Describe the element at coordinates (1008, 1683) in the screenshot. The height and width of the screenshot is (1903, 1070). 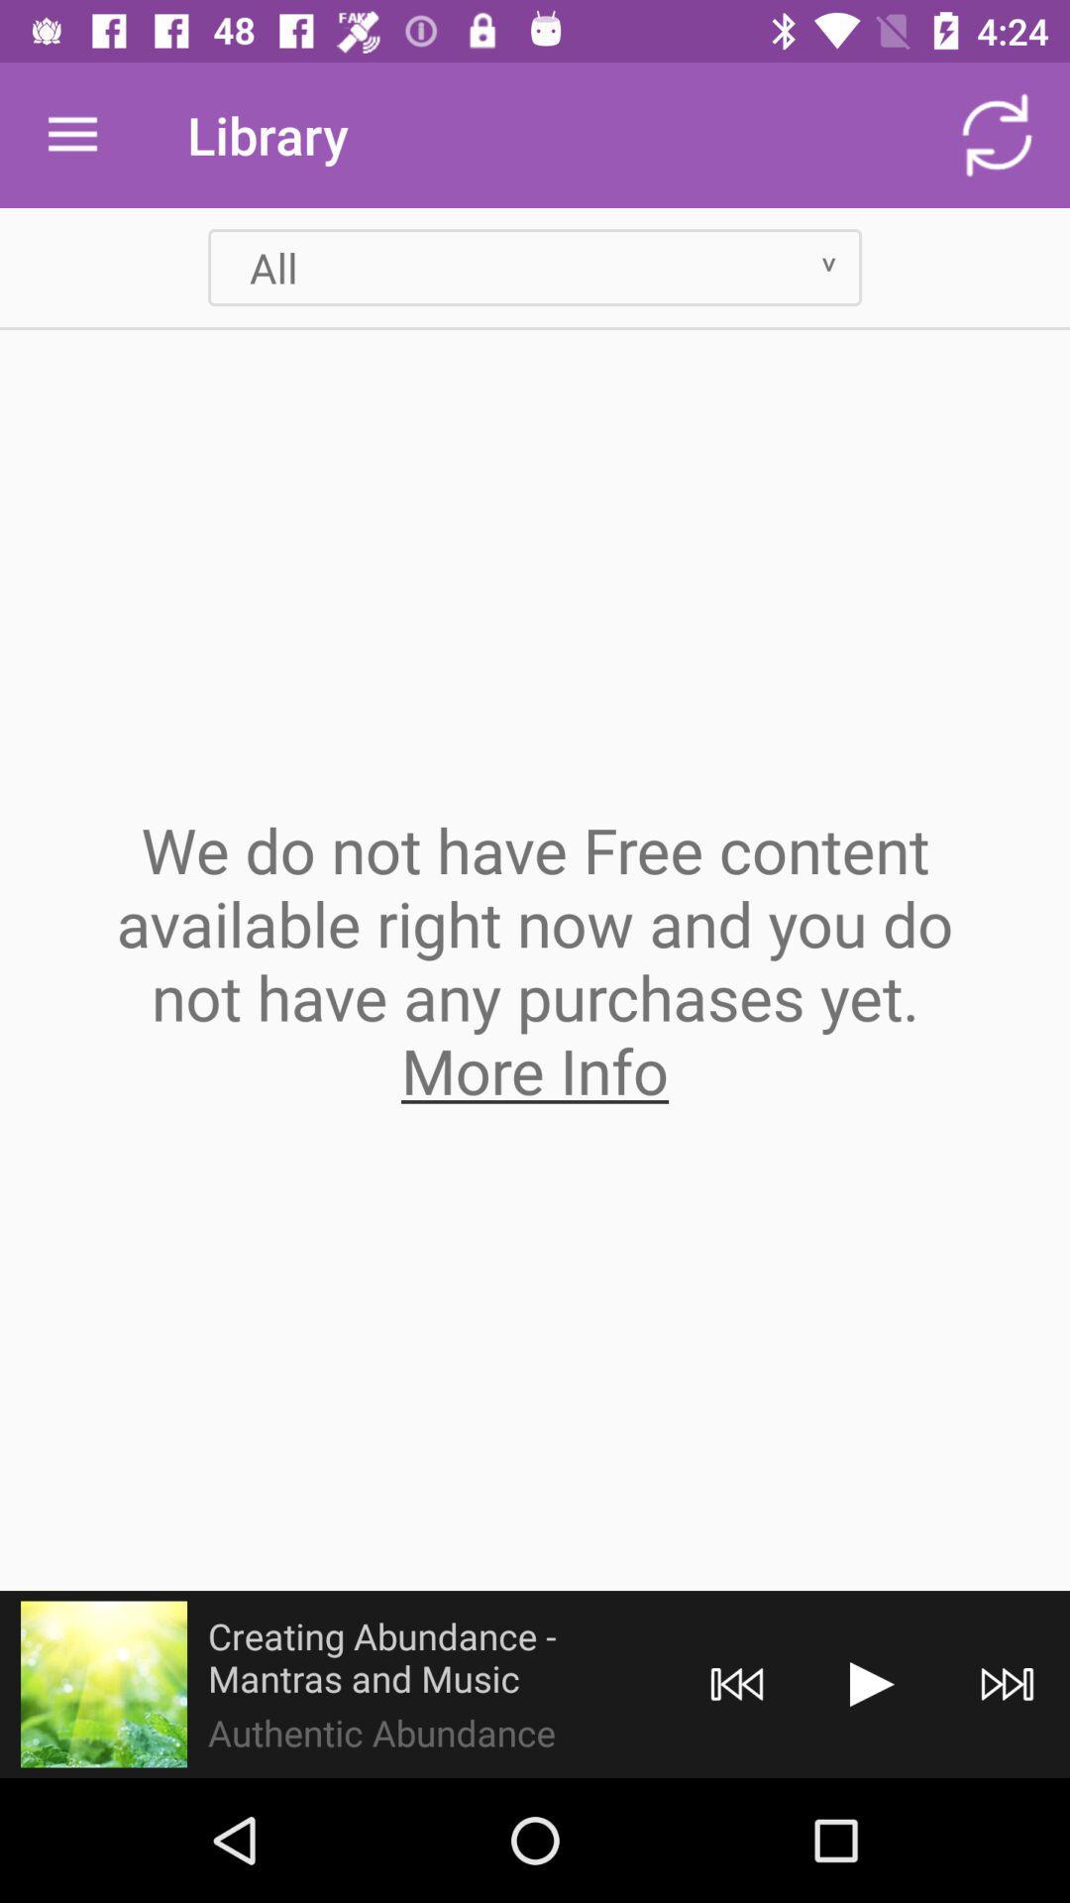
I see `next audio file` at that location.